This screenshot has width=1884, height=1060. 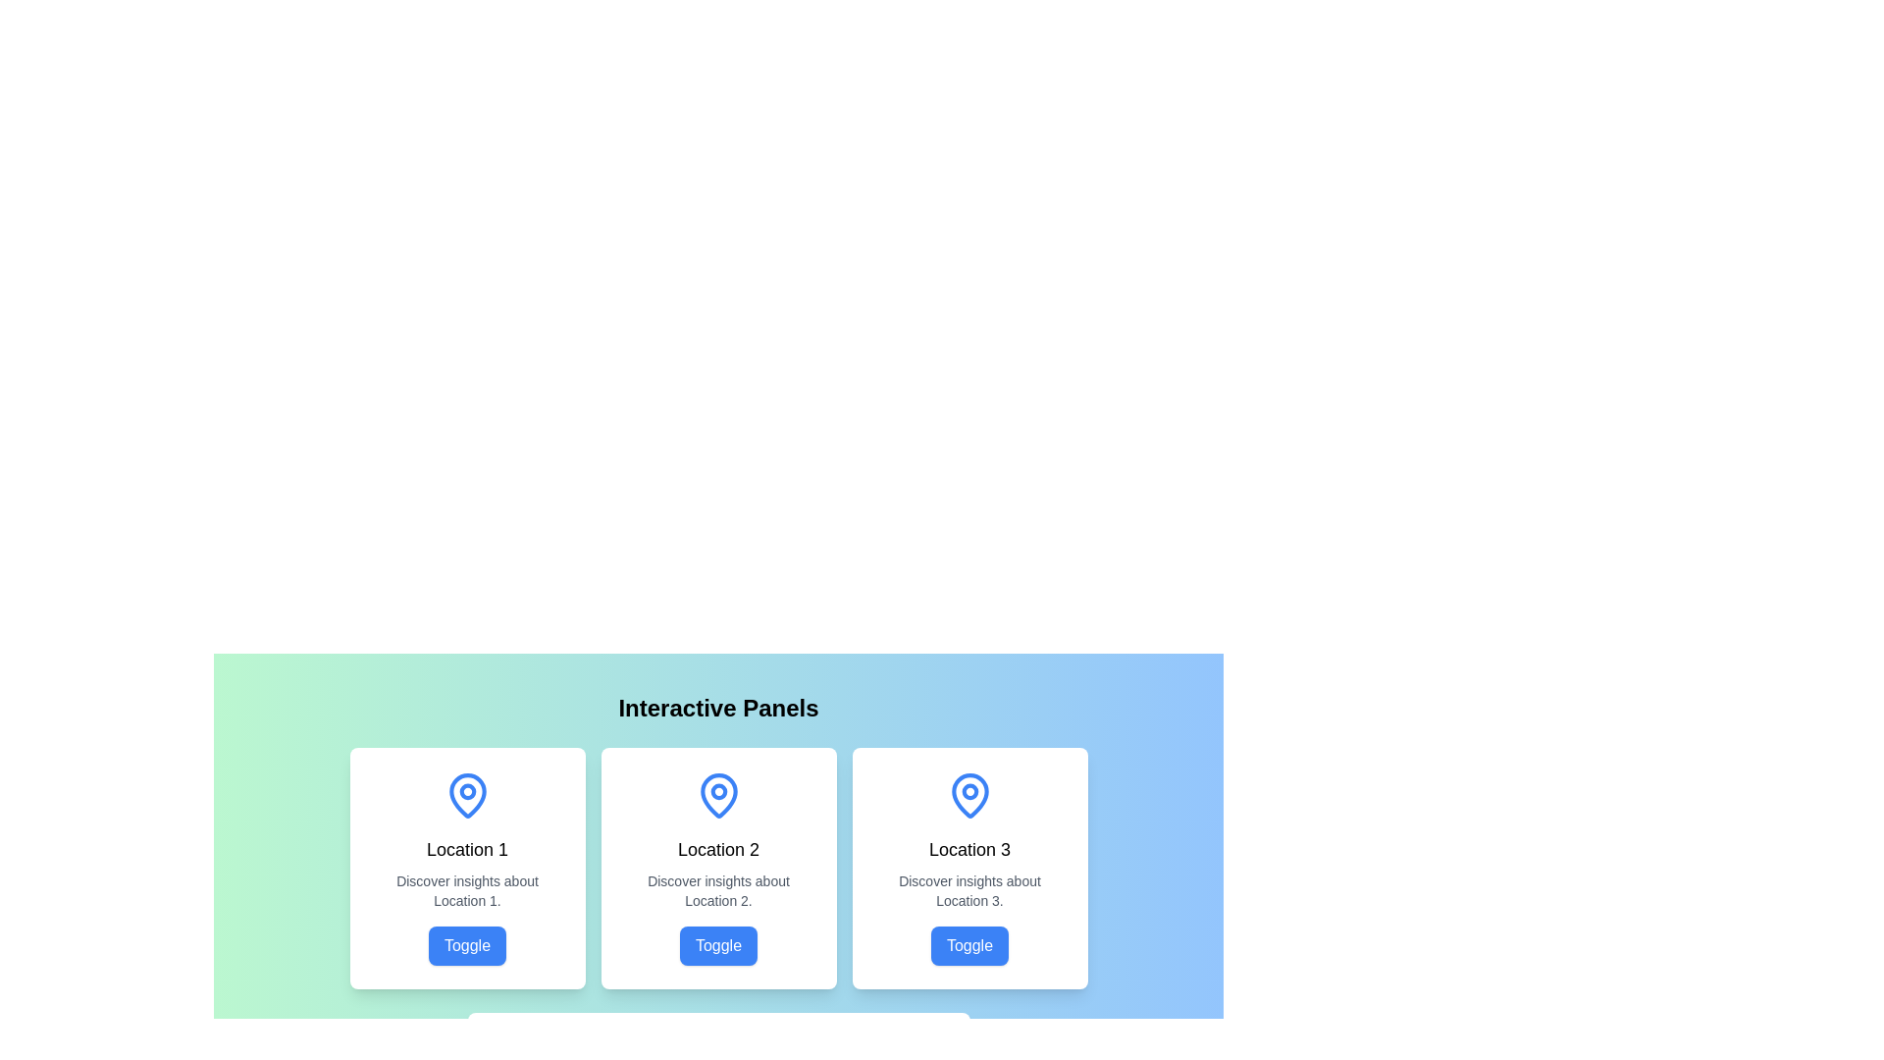 I want to click on the static text label in the central card that provides the title or main descriptor for the card's content, so click(x=717, y=849).